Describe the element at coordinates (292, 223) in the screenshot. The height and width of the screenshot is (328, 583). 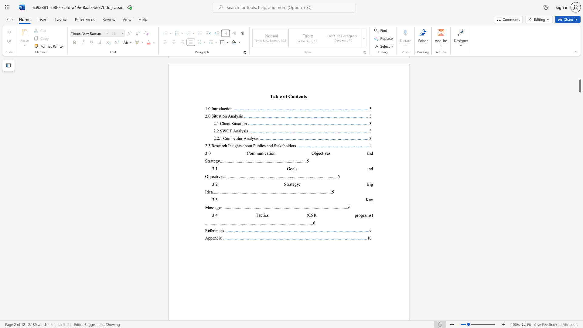
I see `the 79th character "." in the text` at that location.